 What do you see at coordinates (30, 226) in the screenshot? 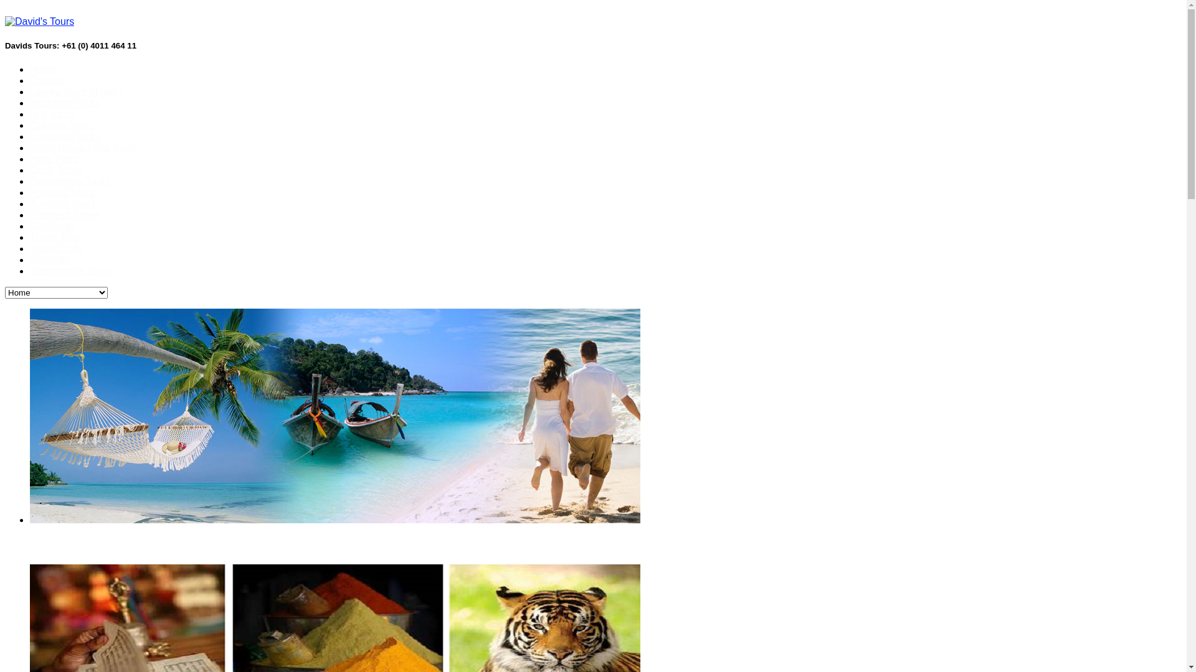
I see `'Golf Tours'` at bounding box center [30, 226].